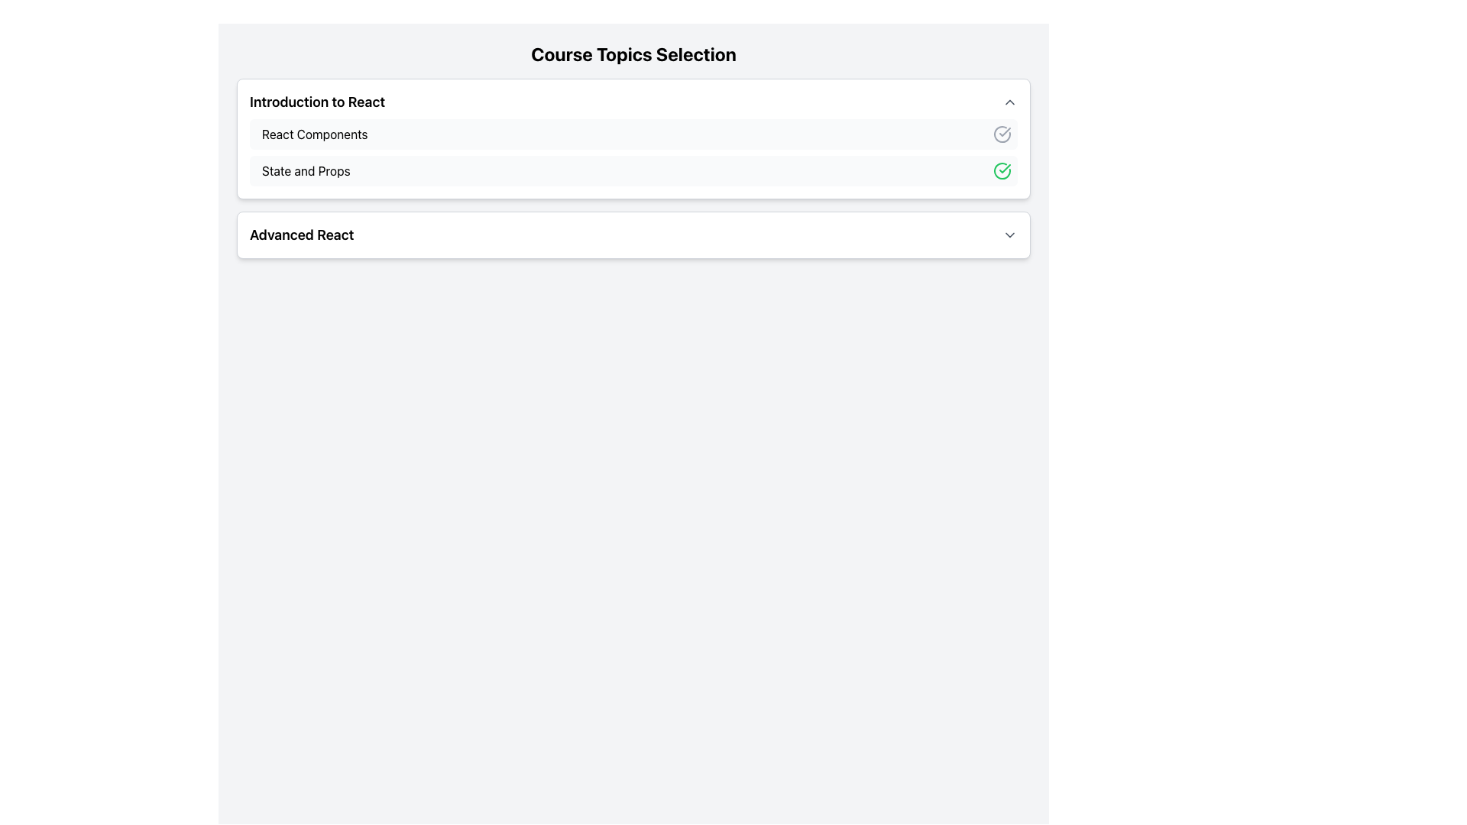 The width and height of the screenshot is (1467, 825). Describe the element at coordinates (306, 170) in the screenshot. I see `the label that identifies the topic 'State and Props' in the 'Introduction to React' section, positioned between 'React Components' and 'Advanced React'` at that location.